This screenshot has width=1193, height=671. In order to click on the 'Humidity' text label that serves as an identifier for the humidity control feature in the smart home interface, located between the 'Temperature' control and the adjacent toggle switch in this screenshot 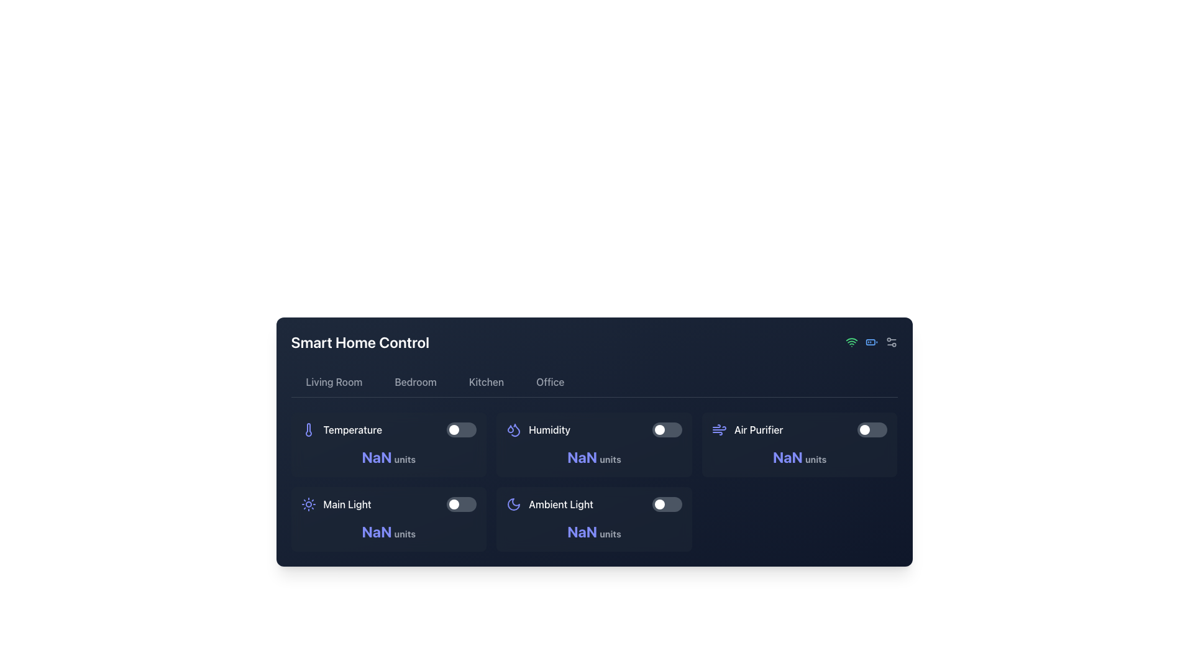, I will do `click(538, 429)`.